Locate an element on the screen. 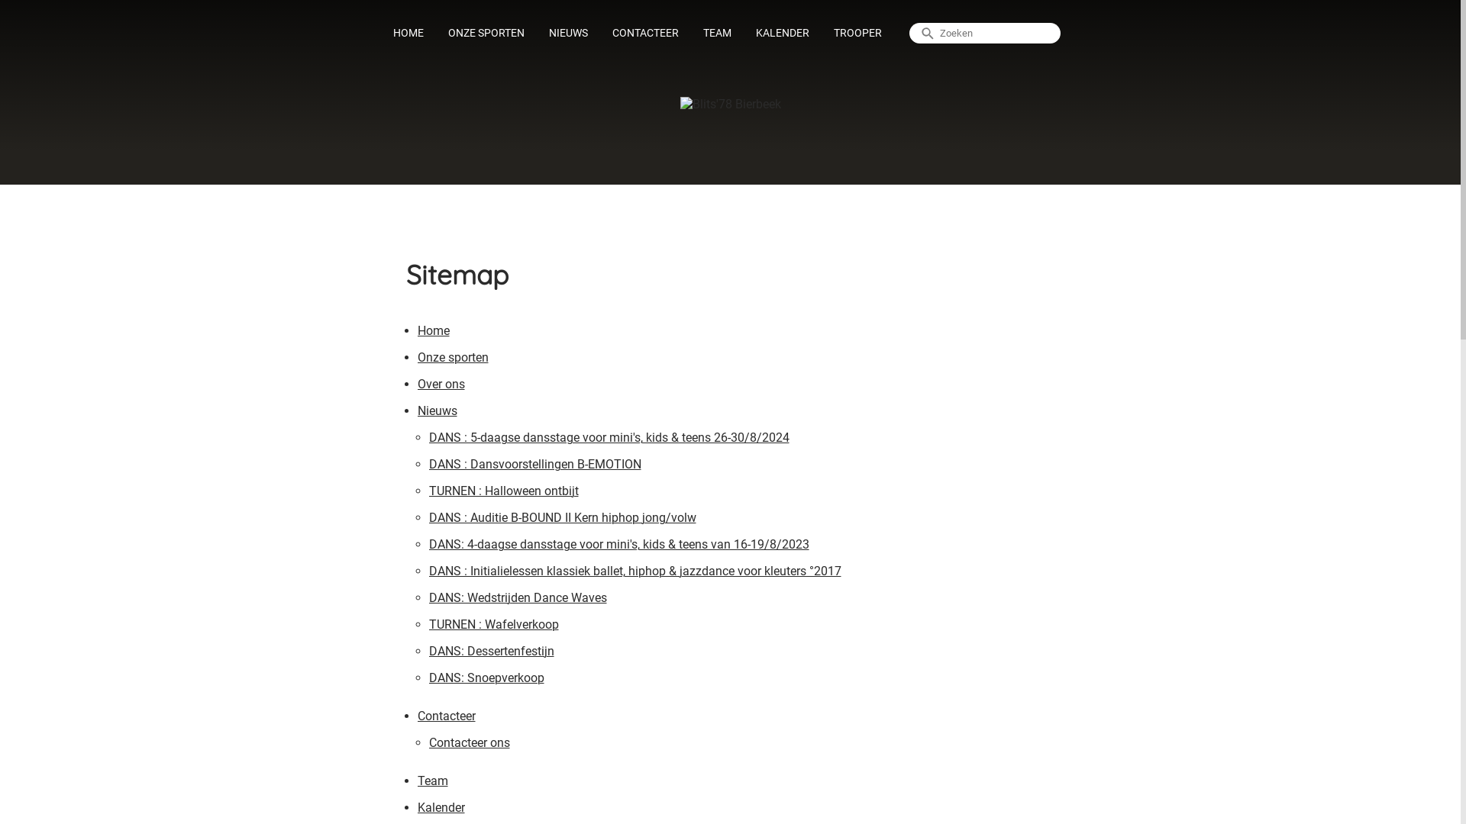  'Blits'78 Bierbeek' is located at coordinates (728, 103).